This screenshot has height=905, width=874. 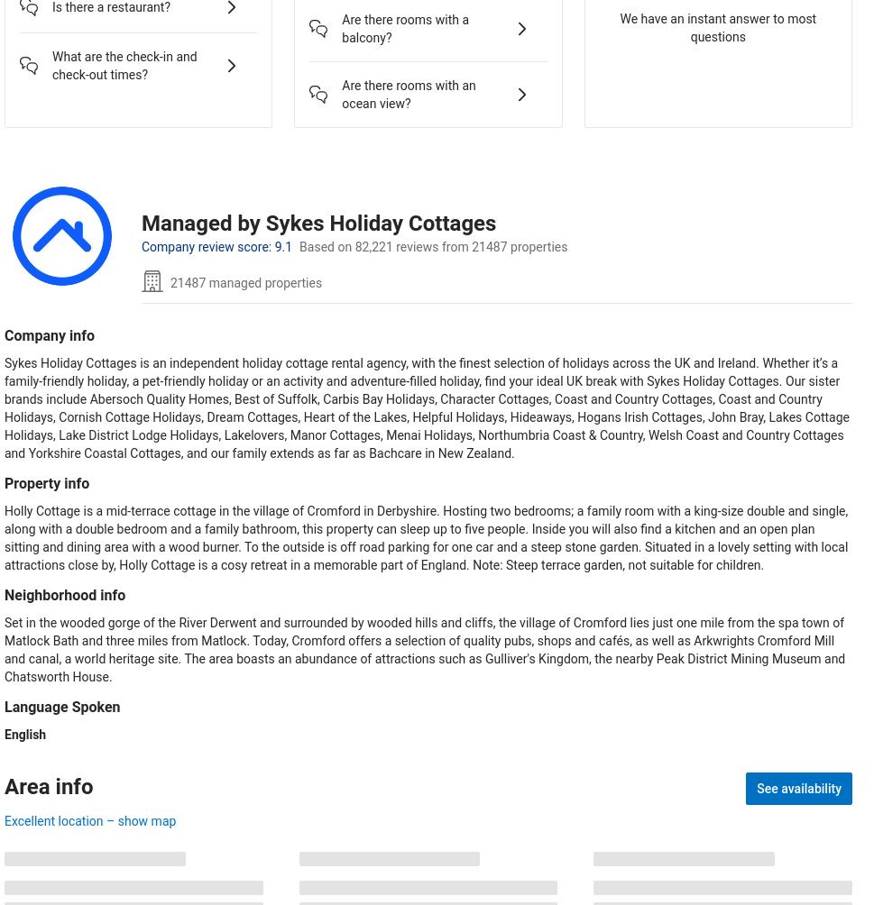 What do you see at coordinates (25, 734) in the screenshot?
I see `'English'` at bounding box center [25, 734].